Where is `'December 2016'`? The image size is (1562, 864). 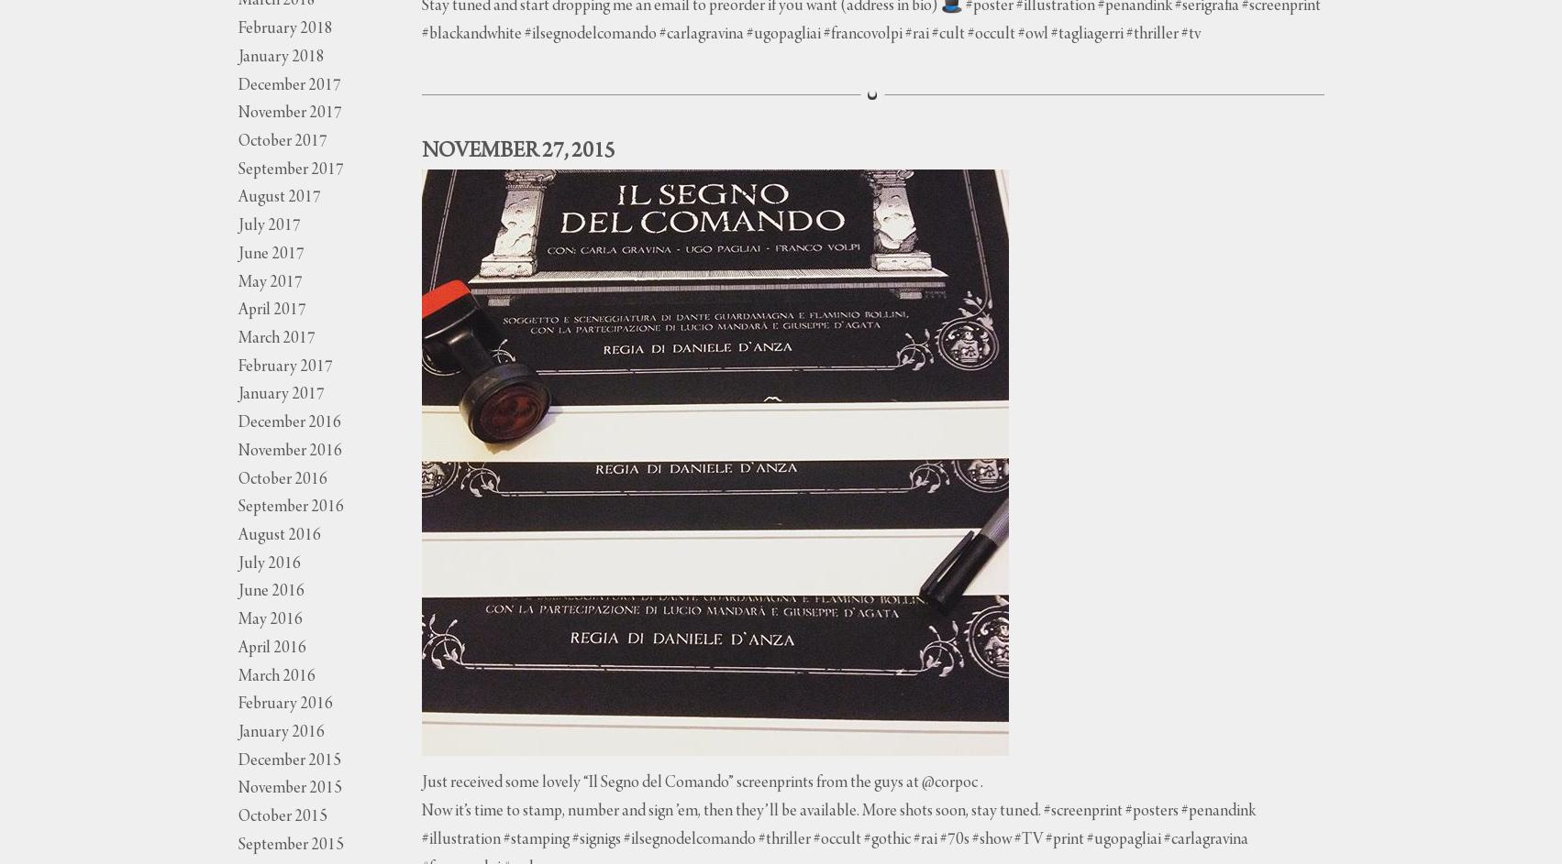
'December 2016' is located at coordinates (237, 423).